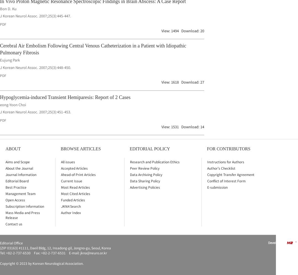 This screenshot has width=298, height=275. What do you see at coordinates (145, 181) in the screenshot?
I see `'Data Sharing Policy'` at bounding box center [145, 181].